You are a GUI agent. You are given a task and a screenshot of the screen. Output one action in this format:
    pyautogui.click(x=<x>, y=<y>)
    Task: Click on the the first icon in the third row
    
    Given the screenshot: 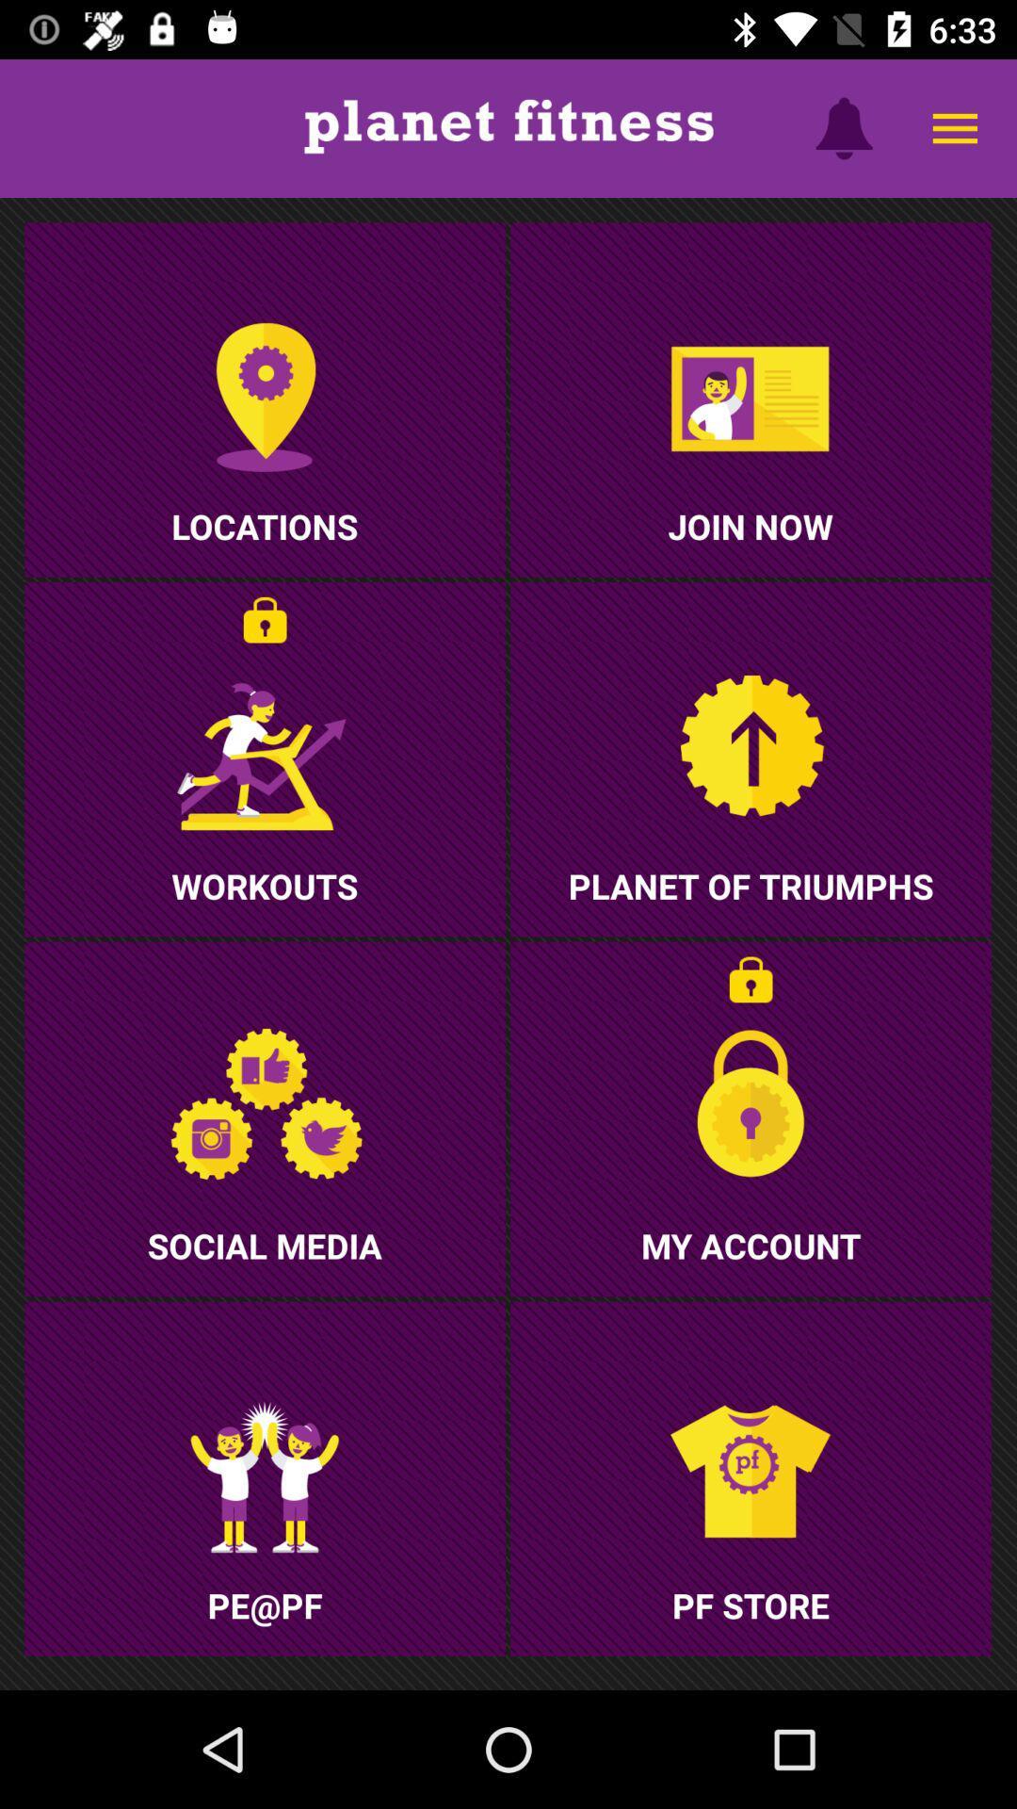 What is the action you would take?
    pyautogui.click(x=265, y=1477)
    